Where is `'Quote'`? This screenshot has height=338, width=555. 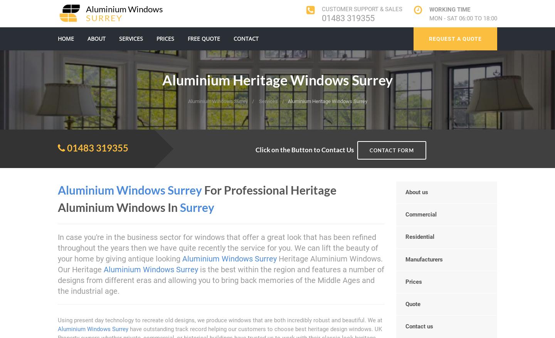 'Quote' is located at coordinates (405, 304).